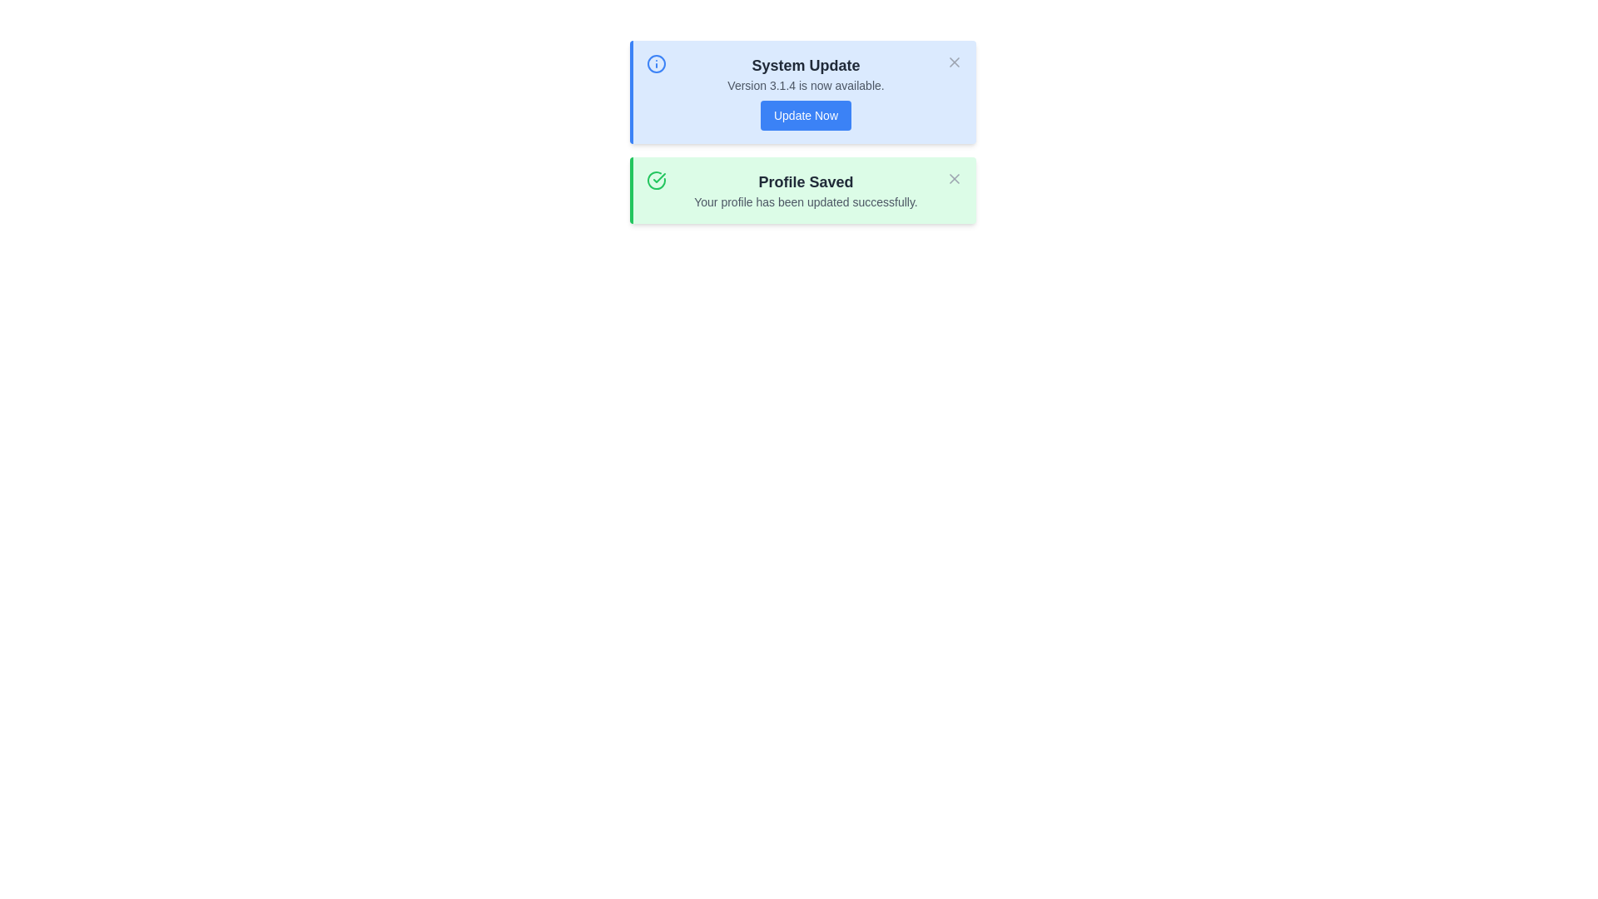 The width and height of the screenshot is (1598, 899). What do you see at coordinates (655, 180) in the screenshot?
I see `the success notification icon indicating 'Profile Saved' by moving the cursor to its center` at bounding box center [655, 180].